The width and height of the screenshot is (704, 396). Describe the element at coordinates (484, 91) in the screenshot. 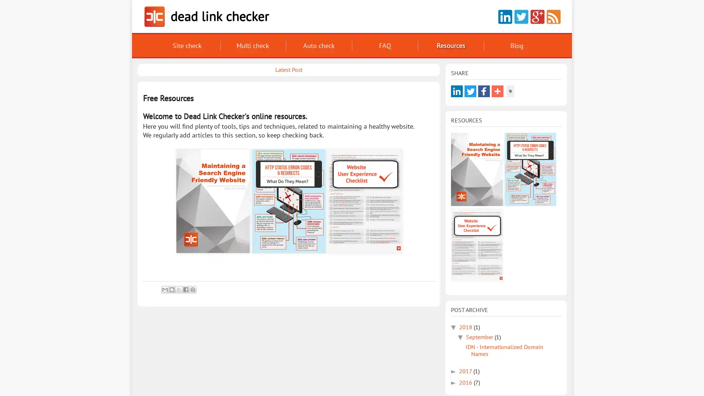

I see `Share to Facebook` at that location.